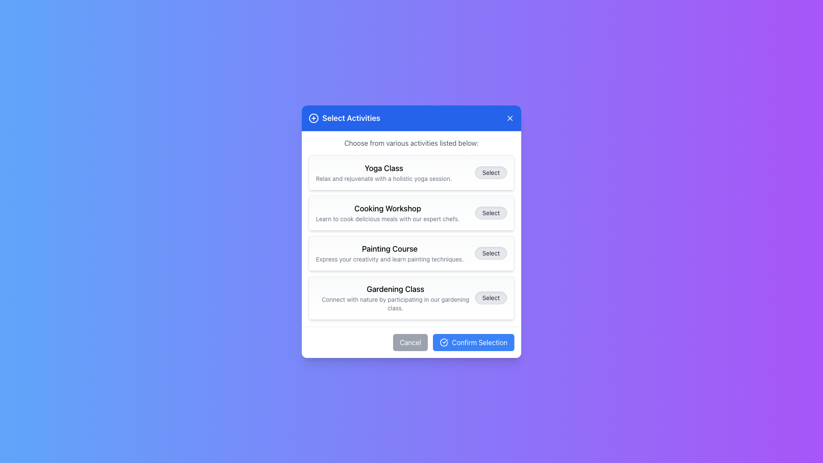 This screenshot has height=463, width=823. Describe the element at coordinates (387, 208) in the screenshot. I see `the 'Cooking Workshop' text label, which is styled in medium-bold black font and located prominently in the middle section of a rectangular card layout` at that location.